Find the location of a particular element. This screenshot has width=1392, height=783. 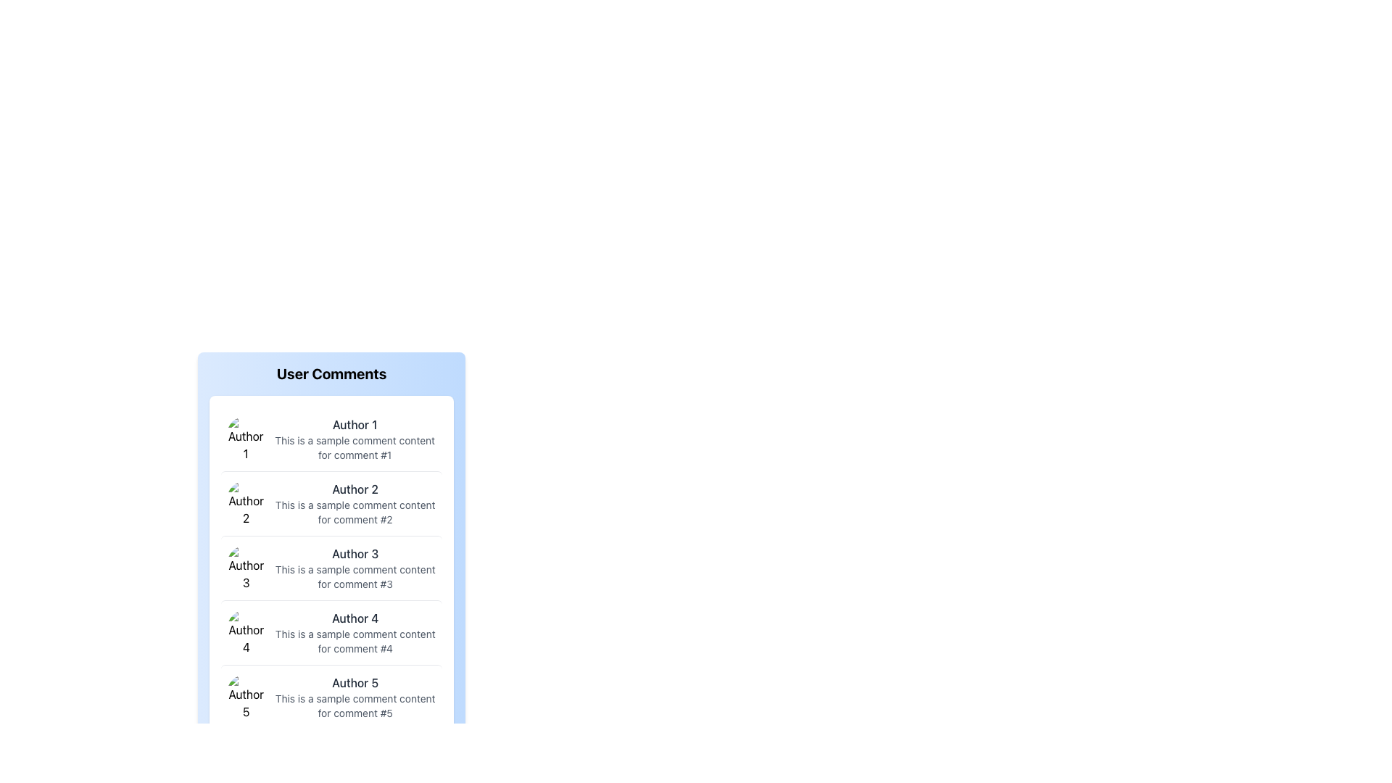

the third Comment item in the vertically stacked list of comments, which displays the author's name, avatar, and comment content is located at coordinates (331, 567).